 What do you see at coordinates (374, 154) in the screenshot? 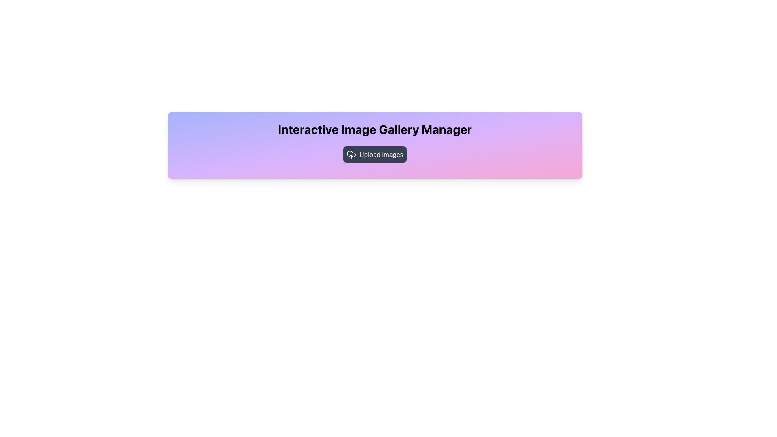
I see `the 'Upload Images' button, which is a rectangular button with a dark gray background and white text` at bounding box center [374, 154].